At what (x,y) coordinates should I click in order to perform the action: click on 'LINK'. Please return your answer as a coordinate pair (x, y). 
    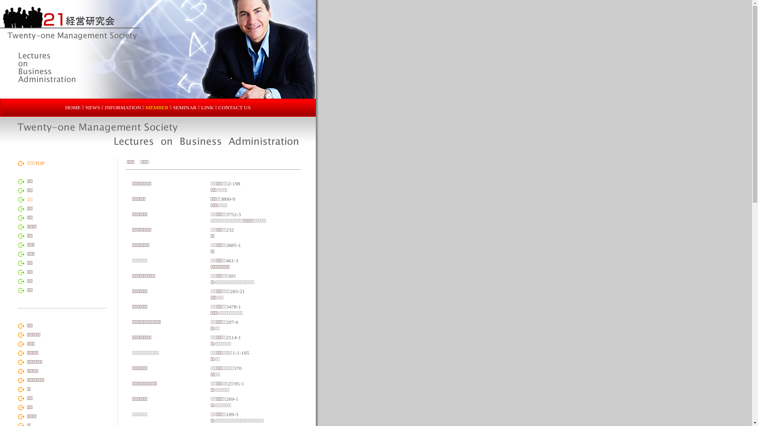
    Looking at the image, I should click on (207, 107).